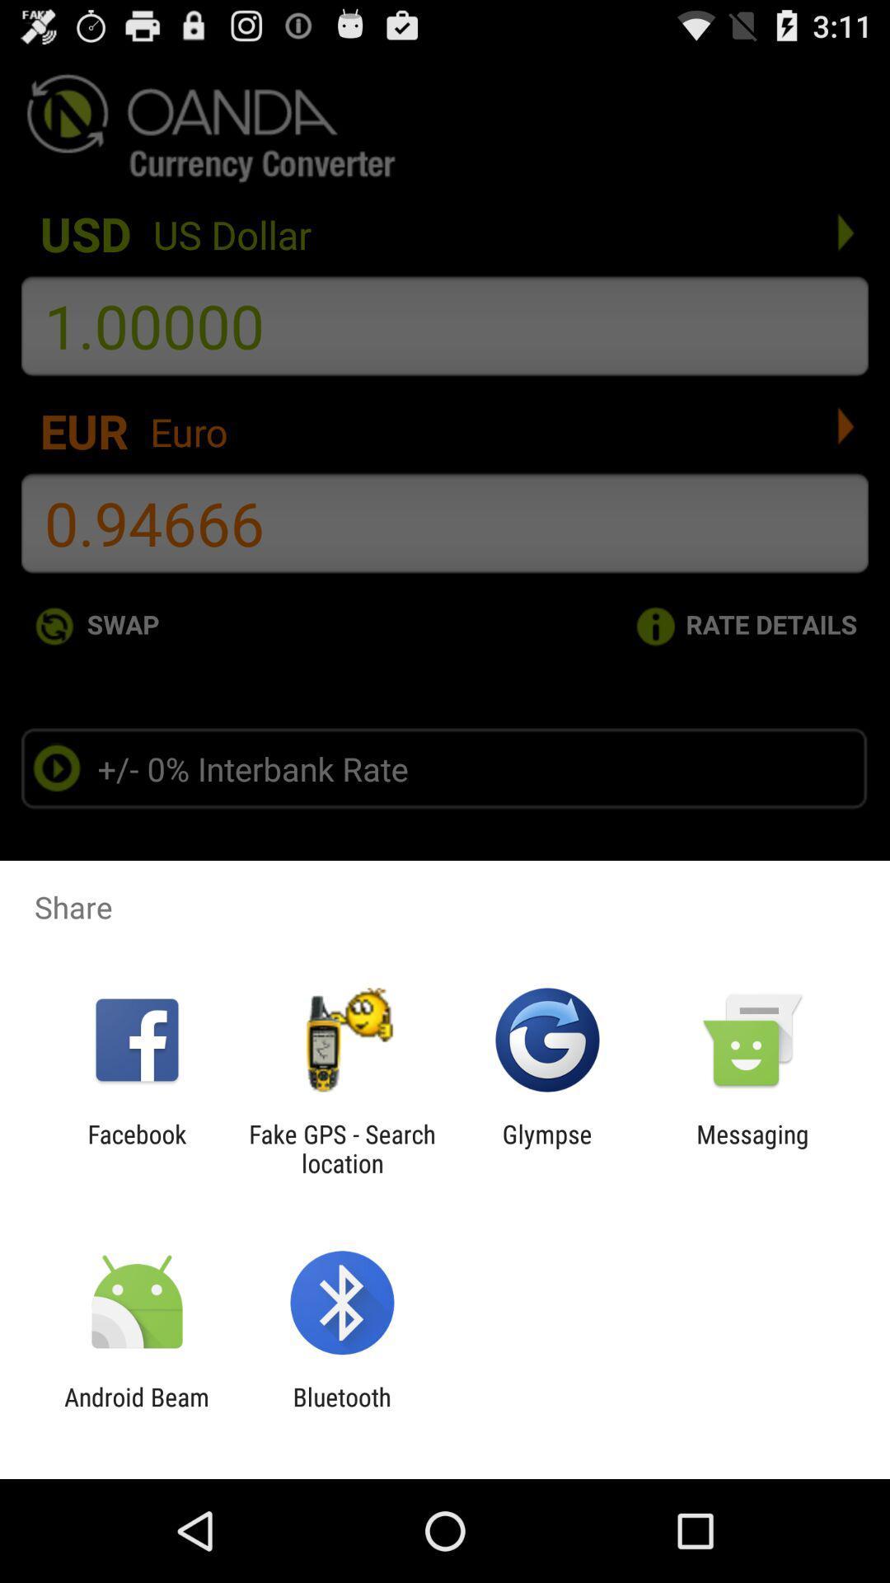 The width and height of the screenshot is (890, 1583). What do you see at coordinates (136, 1411) in the screenshot?
I see `android beam icon` at bounding box center [136, 1411].